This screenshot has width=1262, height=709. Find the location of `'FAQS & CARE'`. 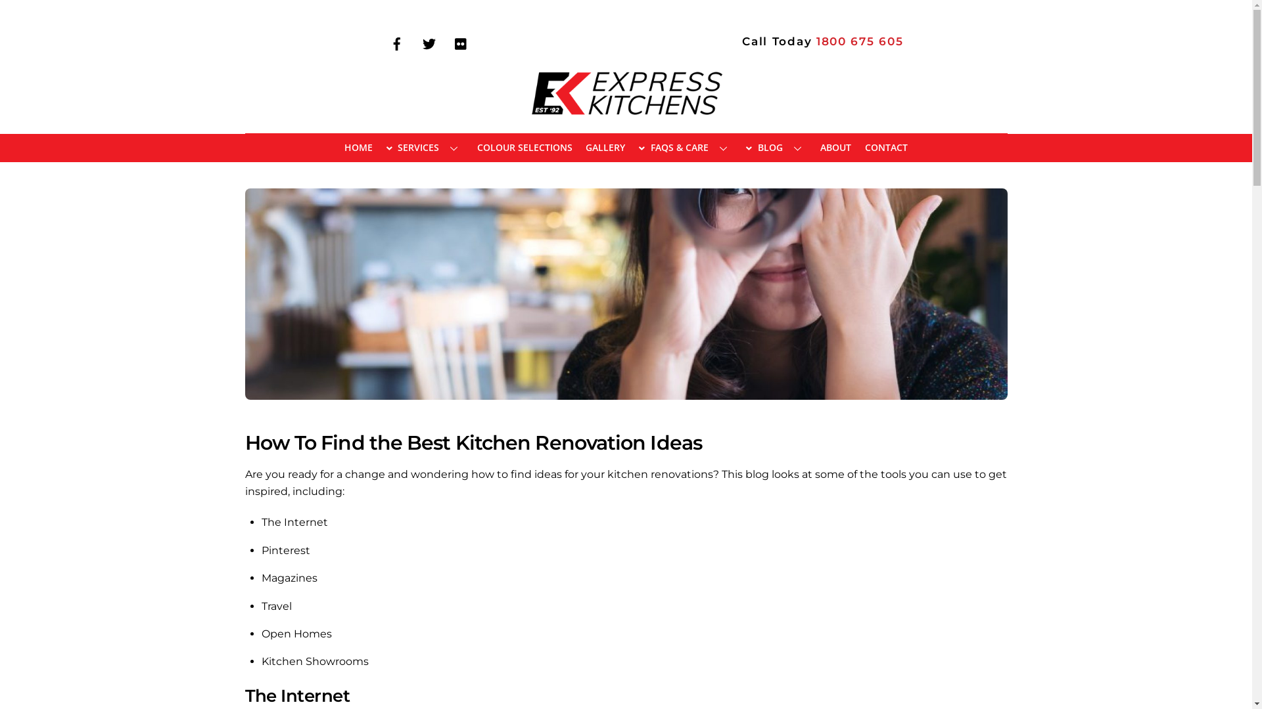

'FAQS & CARE' is located at coordinates (685, 147).